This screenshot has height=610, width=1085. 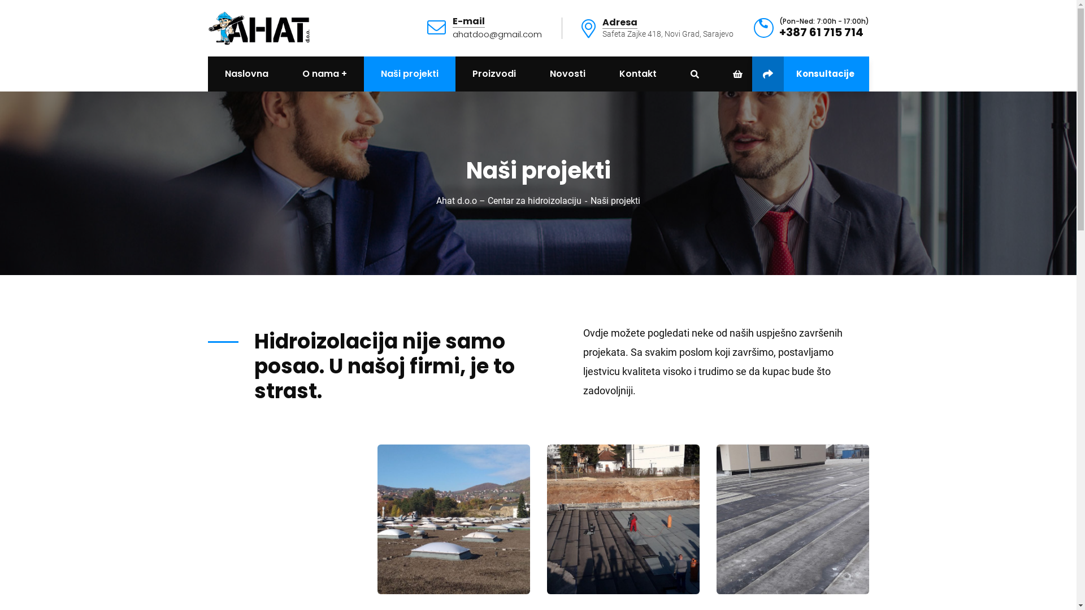 What do you see at coordinates (258, 27) in the screenshot?
I see `'AHAT D.O.O'` at bounding box center [258, 27].